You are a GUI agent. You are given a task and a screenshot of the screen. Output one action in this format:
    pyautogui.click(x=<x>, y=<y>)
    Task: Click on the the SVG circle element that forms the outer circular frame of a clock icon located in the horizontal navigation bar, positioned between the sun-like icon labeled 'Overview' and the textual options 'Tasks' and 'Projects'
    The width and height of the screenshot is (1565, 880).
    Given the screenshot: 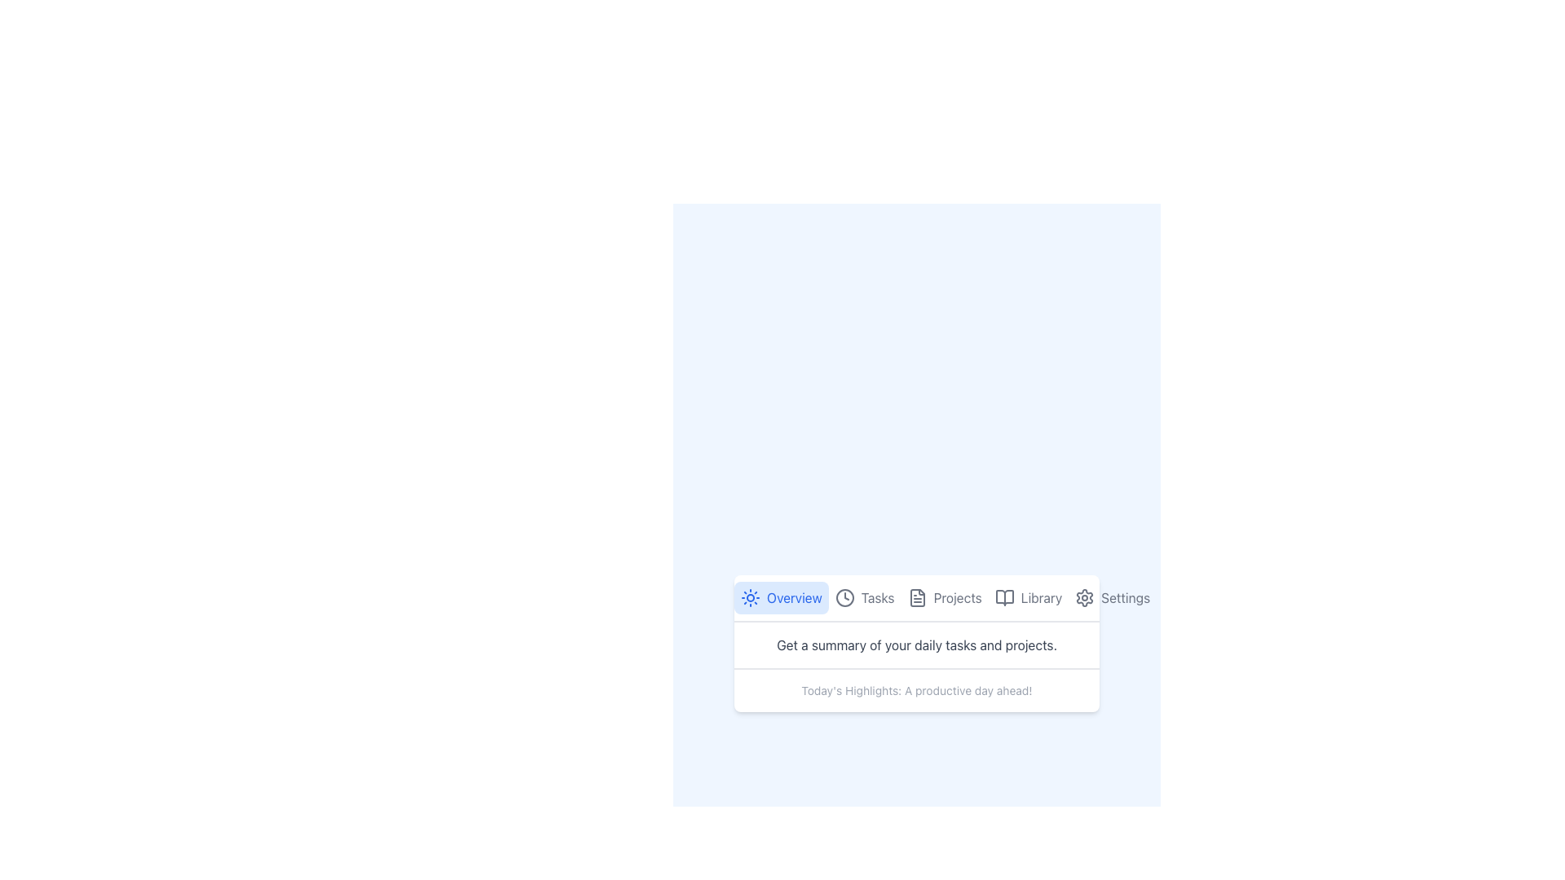 What is the action you would take?
    pyautogui.click(x=844, y=597)
    